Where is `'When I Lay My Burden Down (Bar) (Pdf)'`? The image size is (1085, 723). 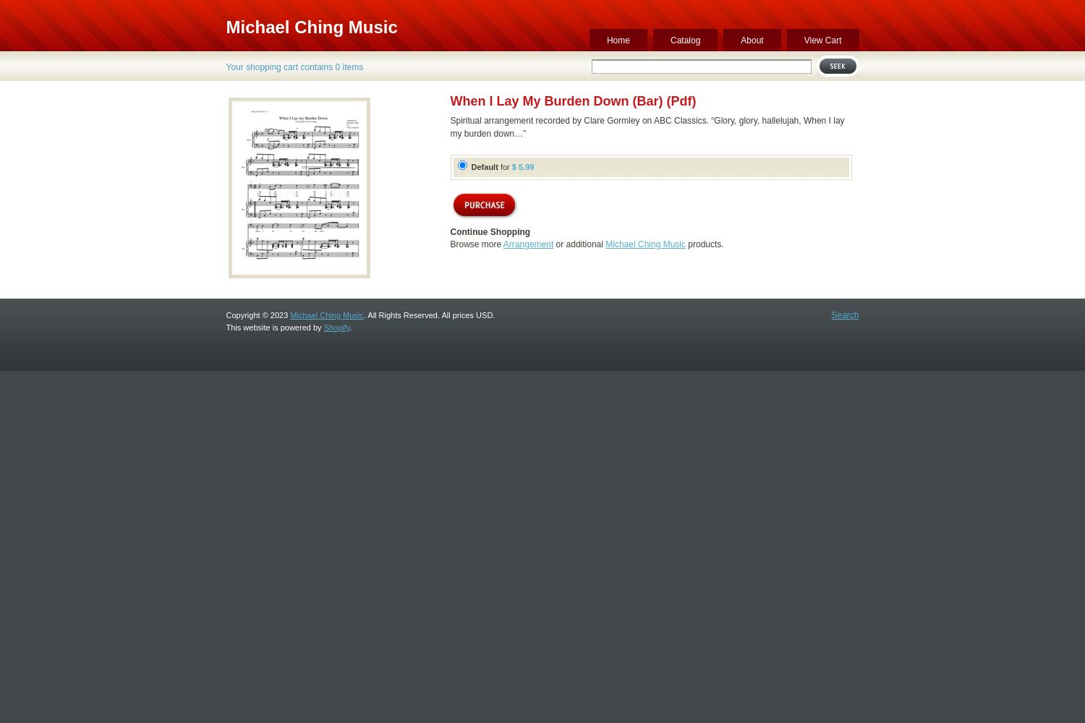 'When I Lay My Burden Down (Bar) (Pdf)' is located at coordinates (573, 101).